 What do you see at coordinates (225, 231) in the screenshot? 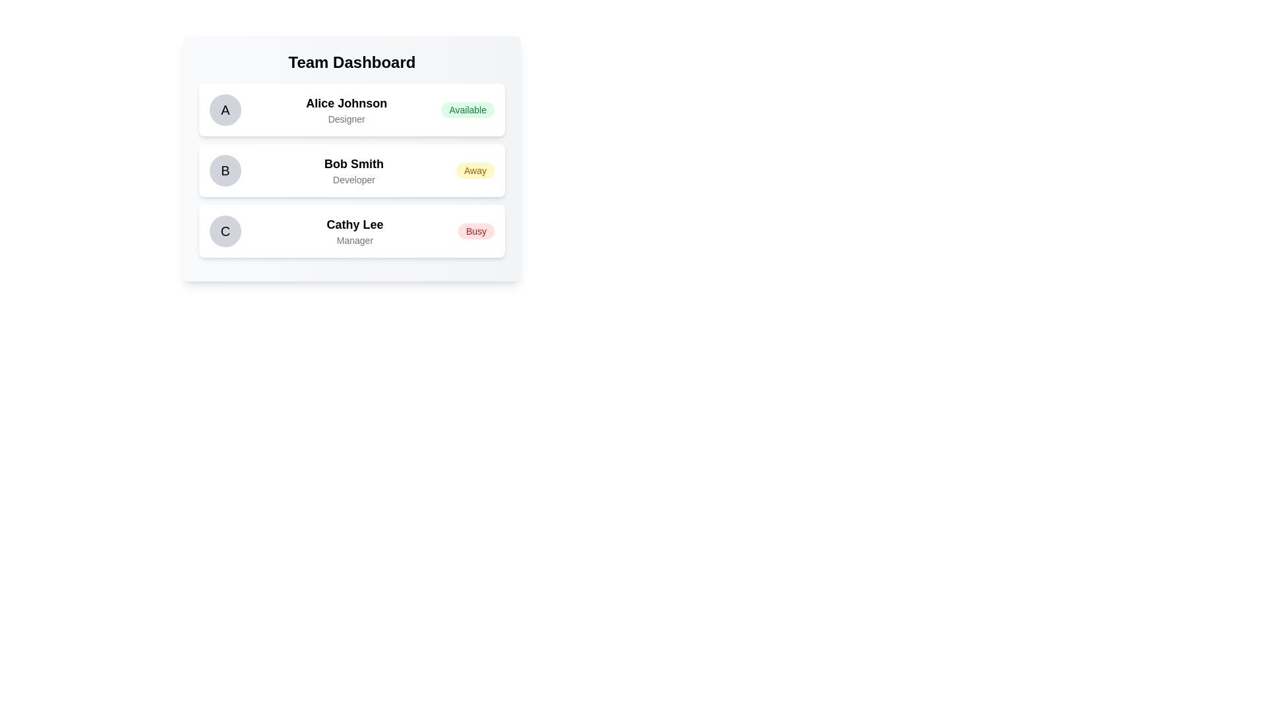
I see `the circular avatar icon with a gray background and the letter 'C' in black` at bounding box center [225, 231].